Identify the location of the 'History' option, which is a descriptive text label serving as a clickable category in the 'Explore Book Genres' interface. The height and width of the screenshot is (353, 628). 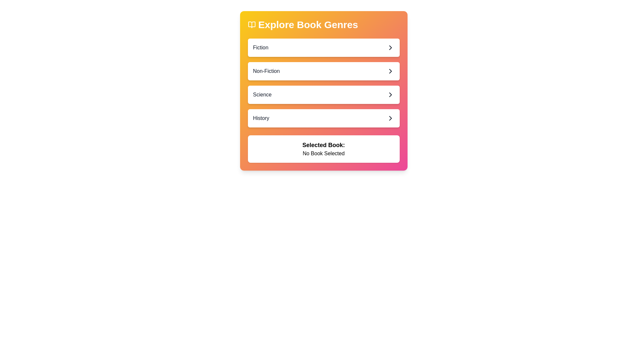
(261, 118).